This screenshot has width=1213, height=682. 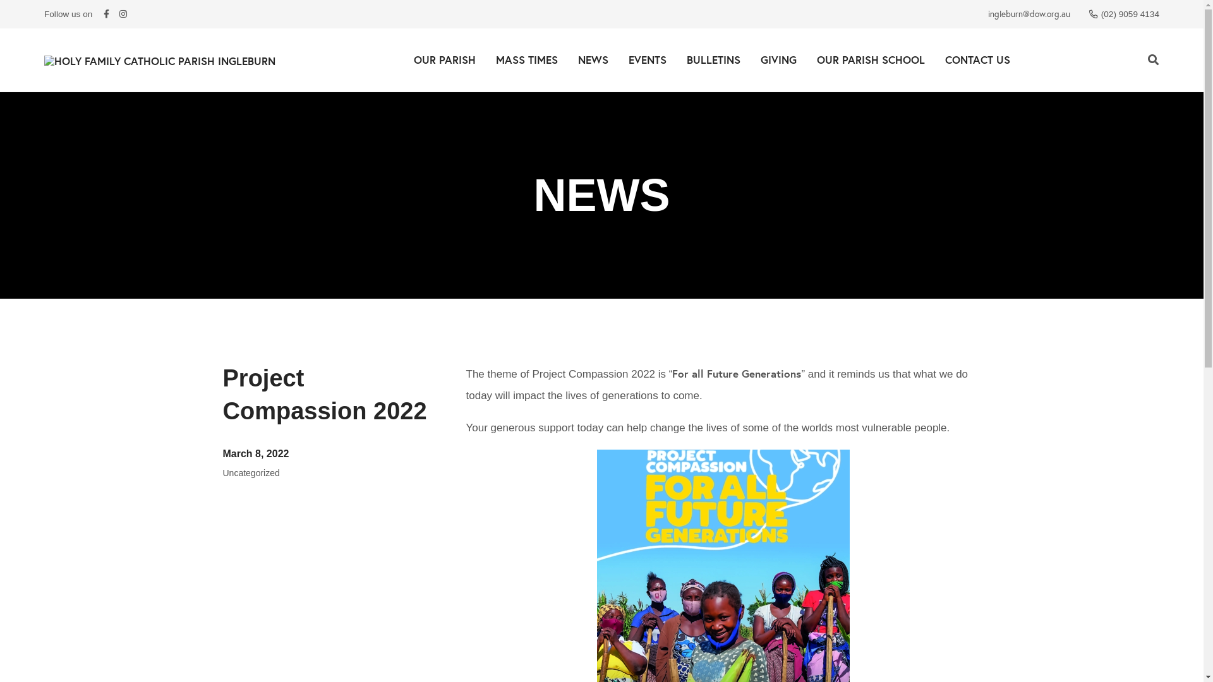 I want to click on 'EVENTS', so click(x=646, y=59).